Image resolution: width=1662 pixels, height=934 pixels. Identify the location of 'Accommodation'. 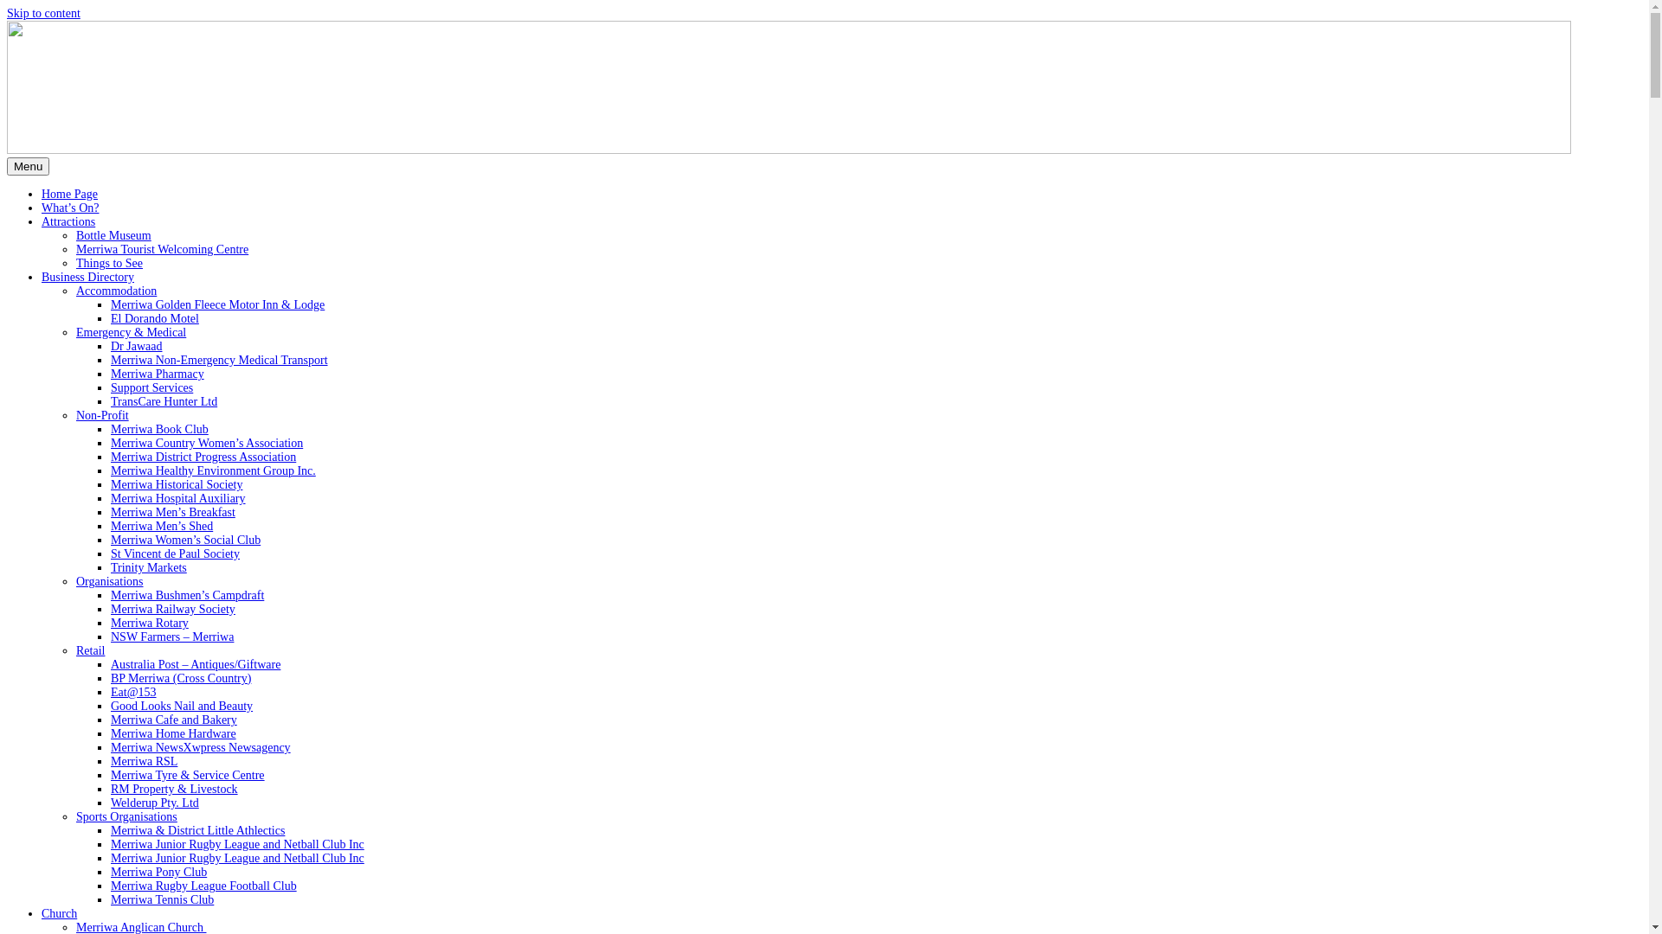
(115, 290).